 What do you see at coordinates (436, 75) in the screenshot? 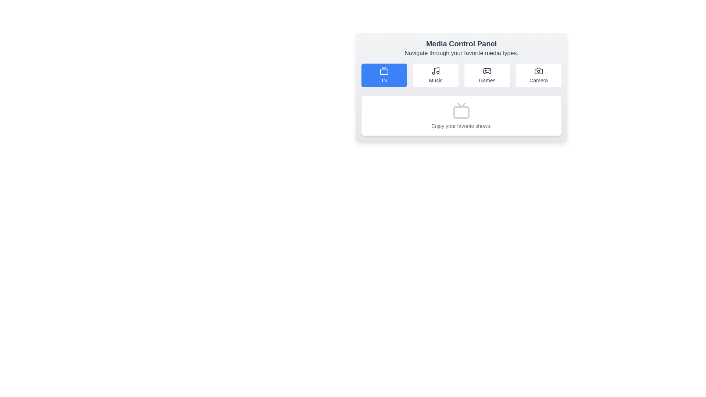
I see `the navigation button for 'Music', positioned between the 'TV' and 'Games' buttons` at bounding box center [436, 75].